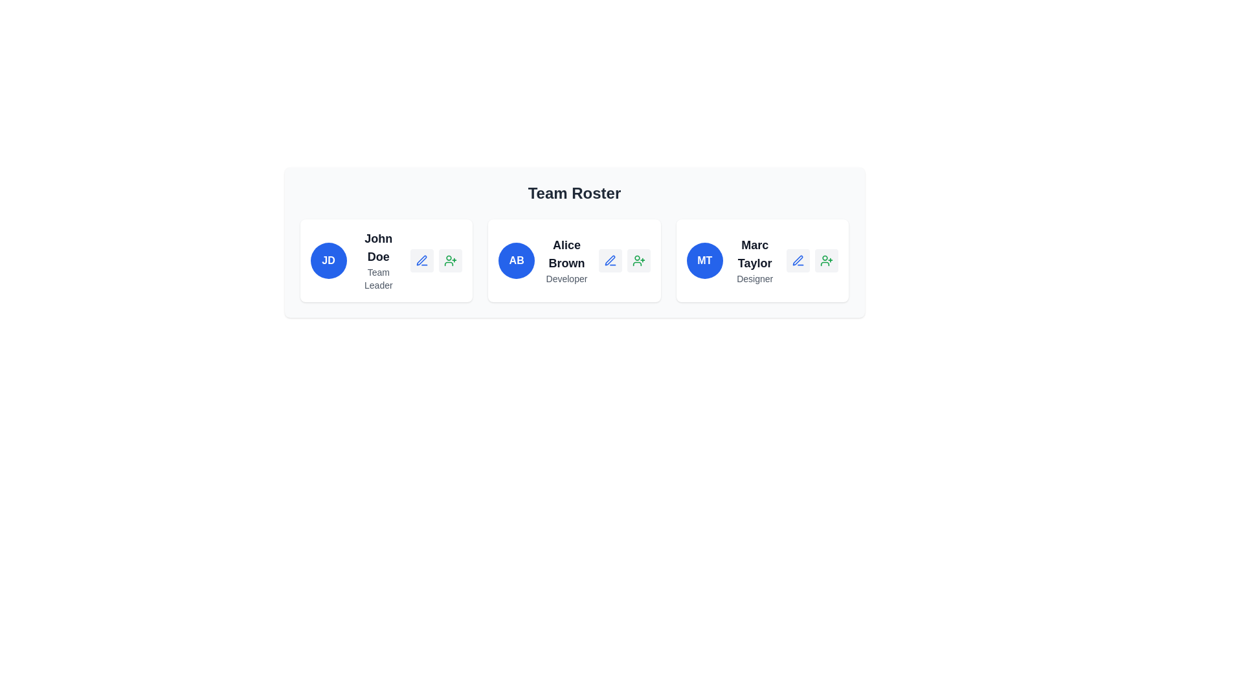 The width and height of the screenshot is (1243, 699). Describe the element at coordinates (422, 260) in the screenshot. I see `the edit button with a pen icon in the card for John Doe to initiate editing` at that location.